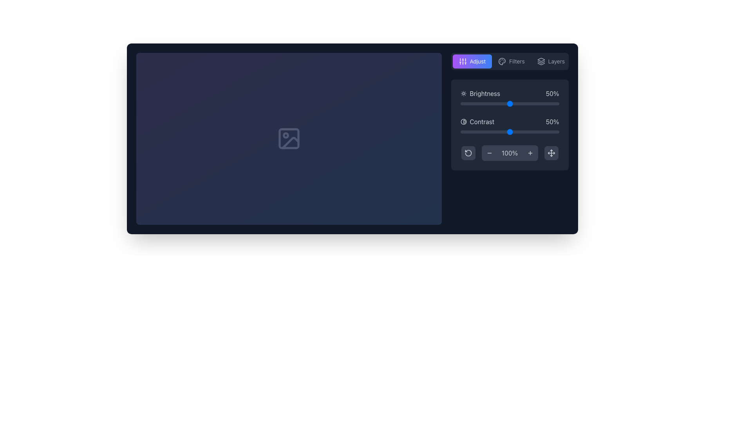 This screenshot has height=423, width=752. I want to click on the circular reset icon button, which depicts a counter-clockwise rotation arrow, so click(468, 153).